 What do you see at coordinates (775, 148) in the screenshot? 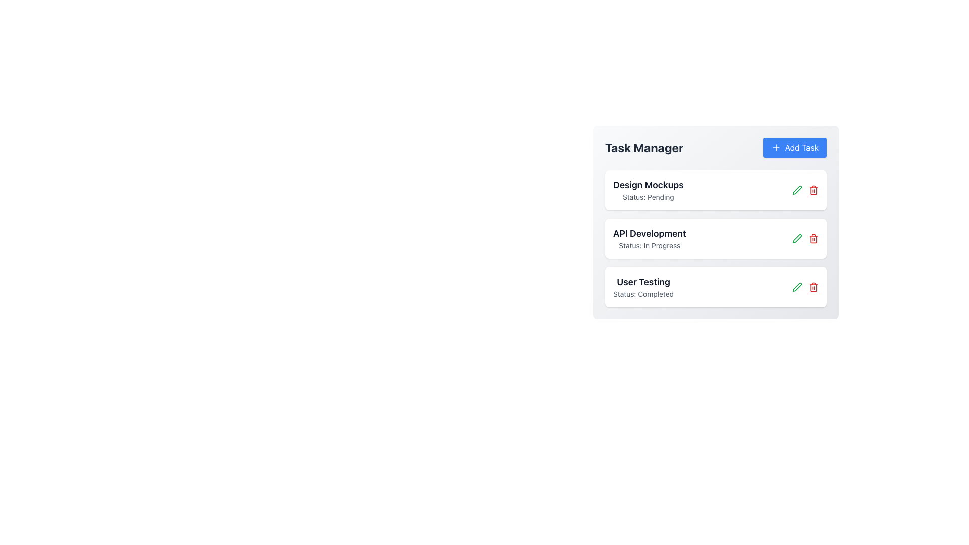
I see `the plus icon located within the 'Add Task' button in the top-right corner of the Task Manager interface` at bounding box center [775, 148].